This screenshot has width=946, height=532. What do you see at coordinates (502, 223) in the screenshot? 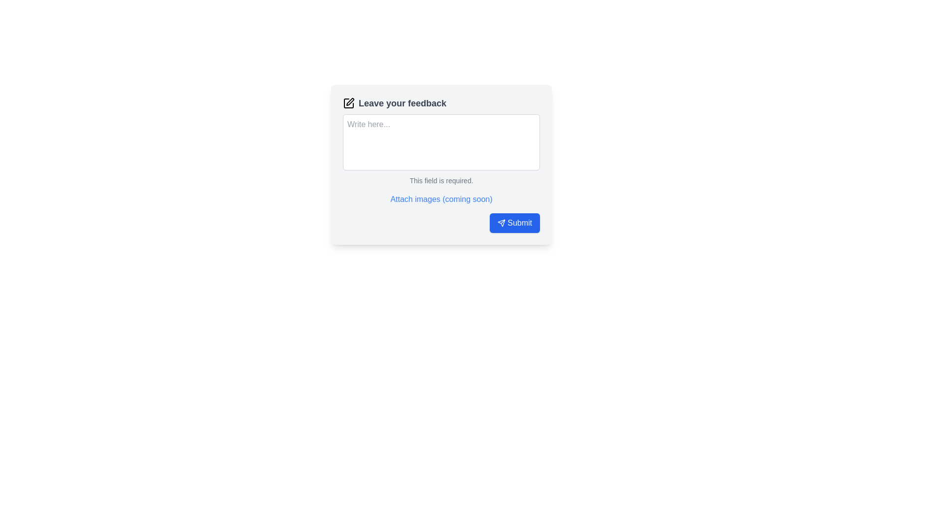
I see `the SVG icon representing a send action, which is a small paper airplane icon located to the left of the 'Submit' label in the lower-right part of the feedback form` at bounding box center [502, 223].